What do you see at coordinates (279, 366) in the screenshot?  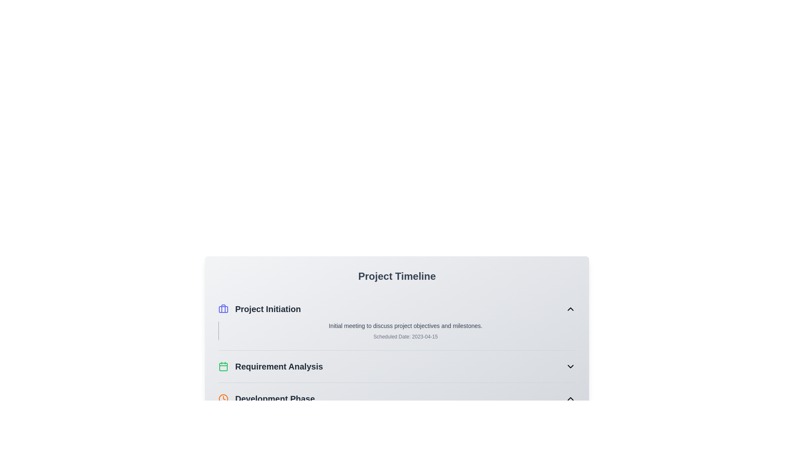 I see `the text label displaying 'Requirement Analysis', which is styled with a bold font and larger text size, located to the right of a green calendar icon in the 'Project Timeline' section` at bounding box center [279, 366].